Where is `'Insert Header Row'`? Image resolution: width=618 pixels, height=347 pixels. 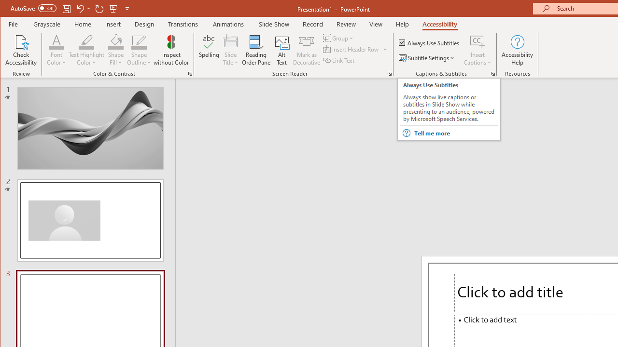 'Insert Header Row' is located at coordinates (351, 49).